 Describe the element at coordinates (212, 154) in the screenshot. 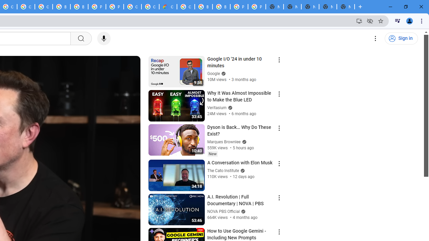

I see `'New'` at that location.